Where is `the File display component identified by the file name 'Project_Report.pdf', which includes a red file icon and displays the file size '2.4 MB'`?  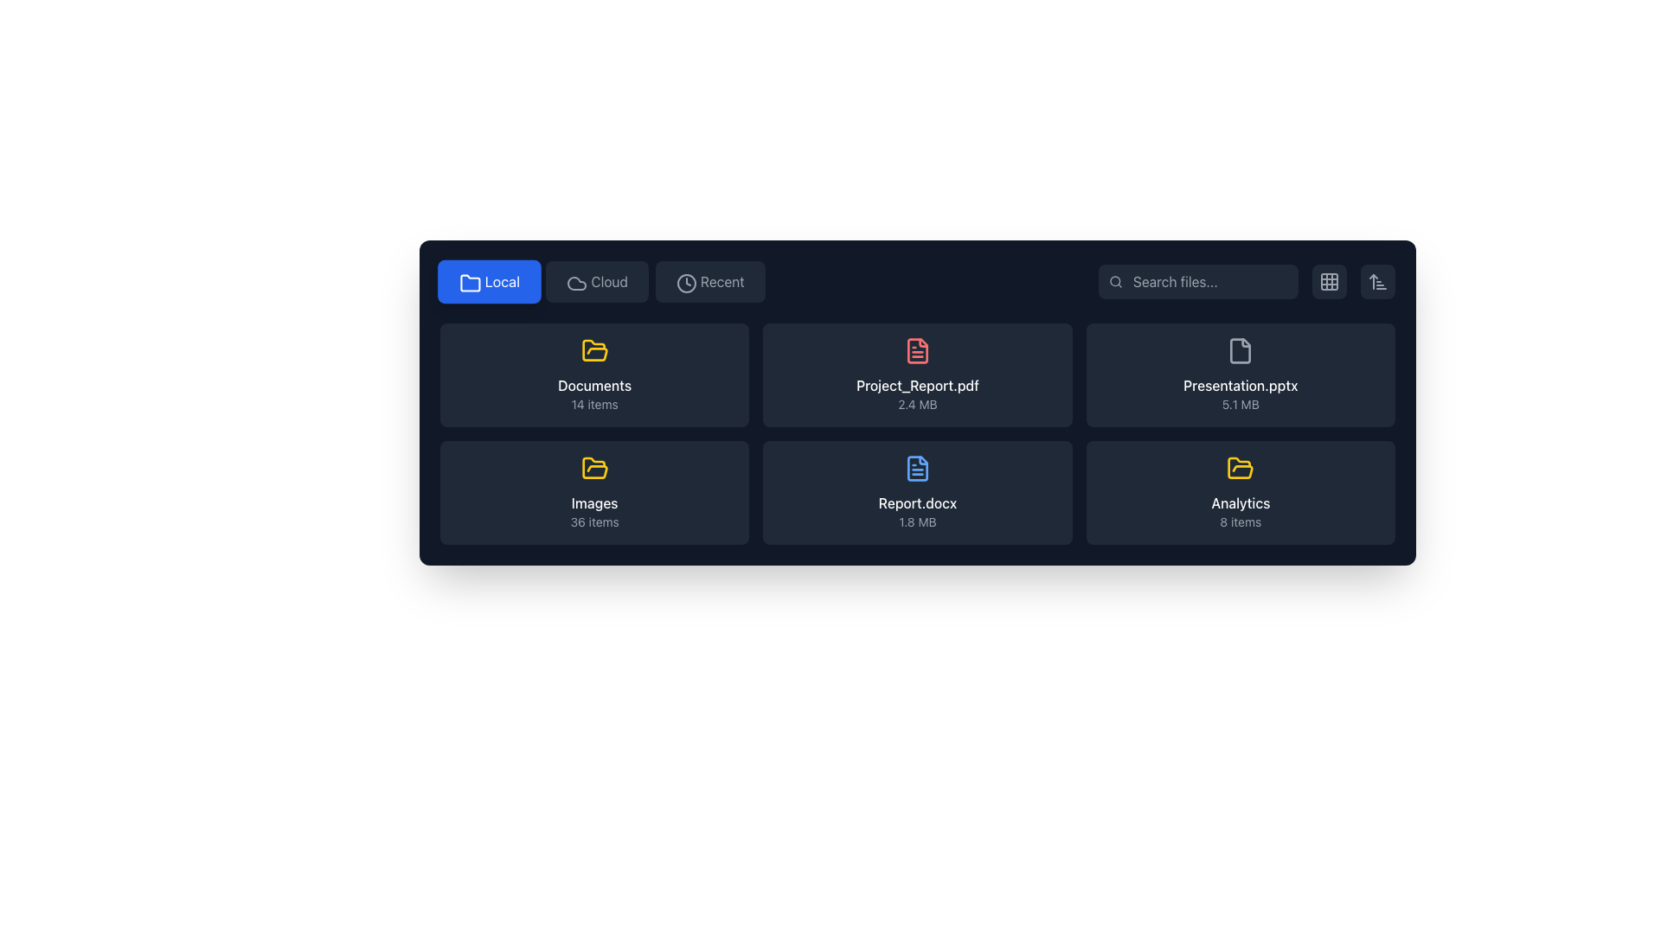
the File display component identified by the file name 'Project_Report.pdf', which includes a red file icon and displays the file size '2.4 MB' is located at coordinates (916, 374).